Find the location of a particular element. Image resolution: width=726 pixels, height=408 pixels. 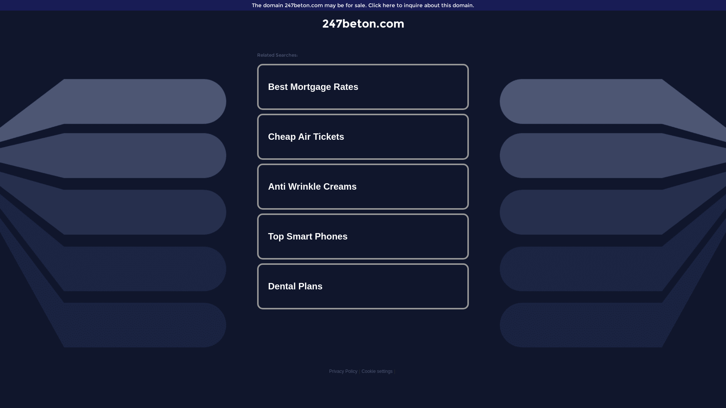

'Cookie settings' is located at coordinates (377, 371).